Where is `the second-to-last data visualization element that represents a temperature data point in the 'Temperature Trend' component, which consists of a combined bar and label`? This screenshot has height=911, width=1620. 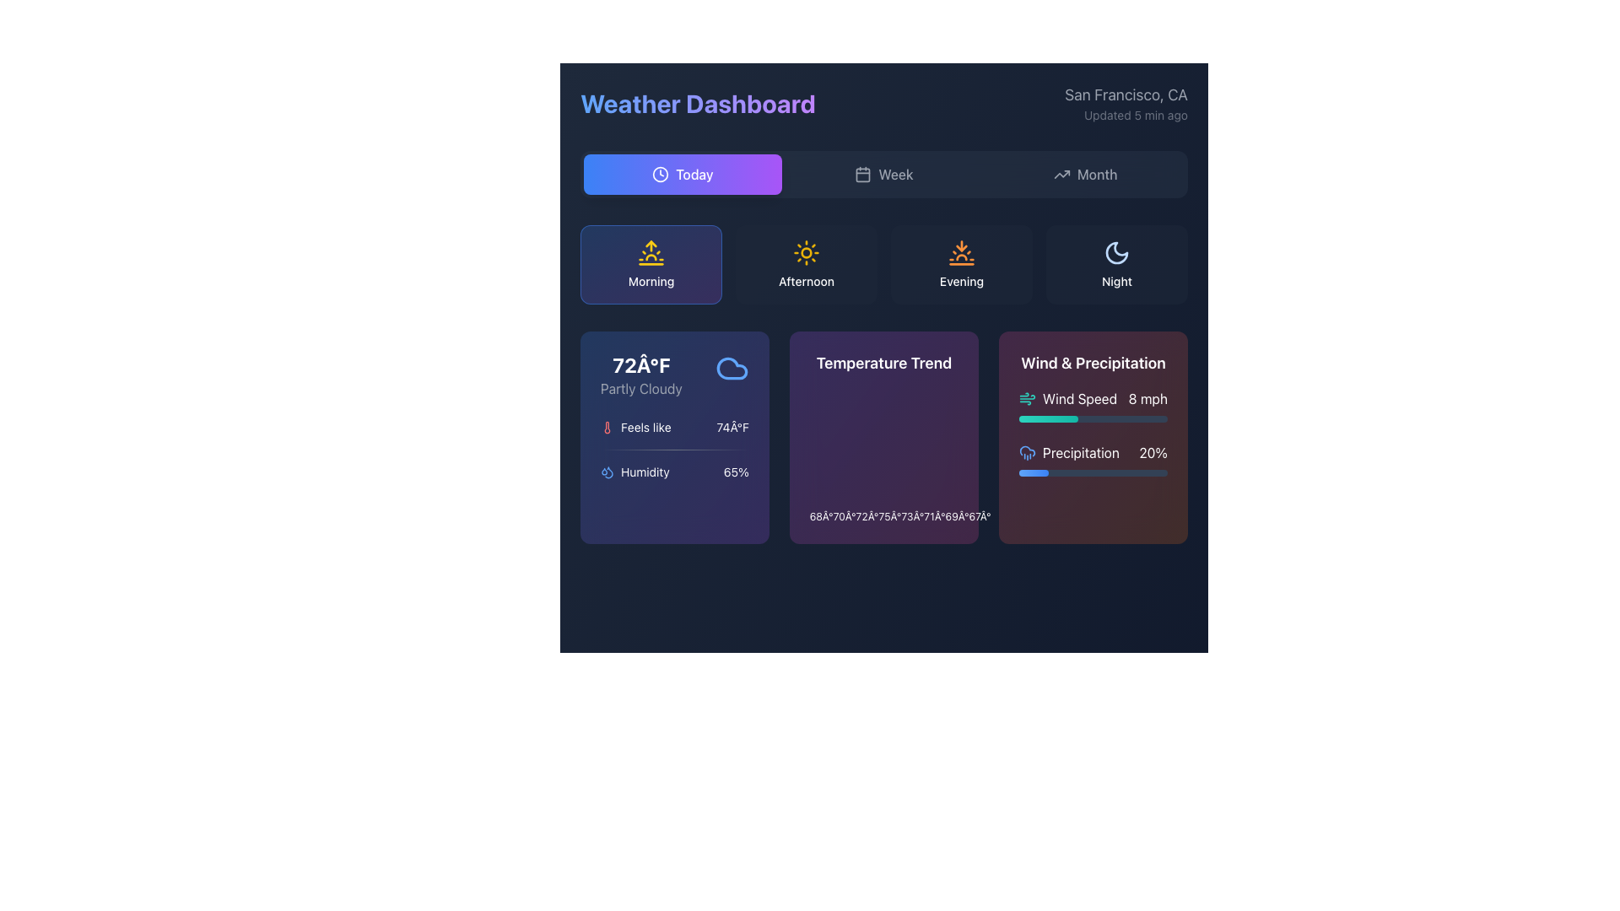
the second-to-last data visualization element that represents a temperature data point in the 'Temperature Trend' component, which consists of a combined bar and label is located at coordinates (957, 513).